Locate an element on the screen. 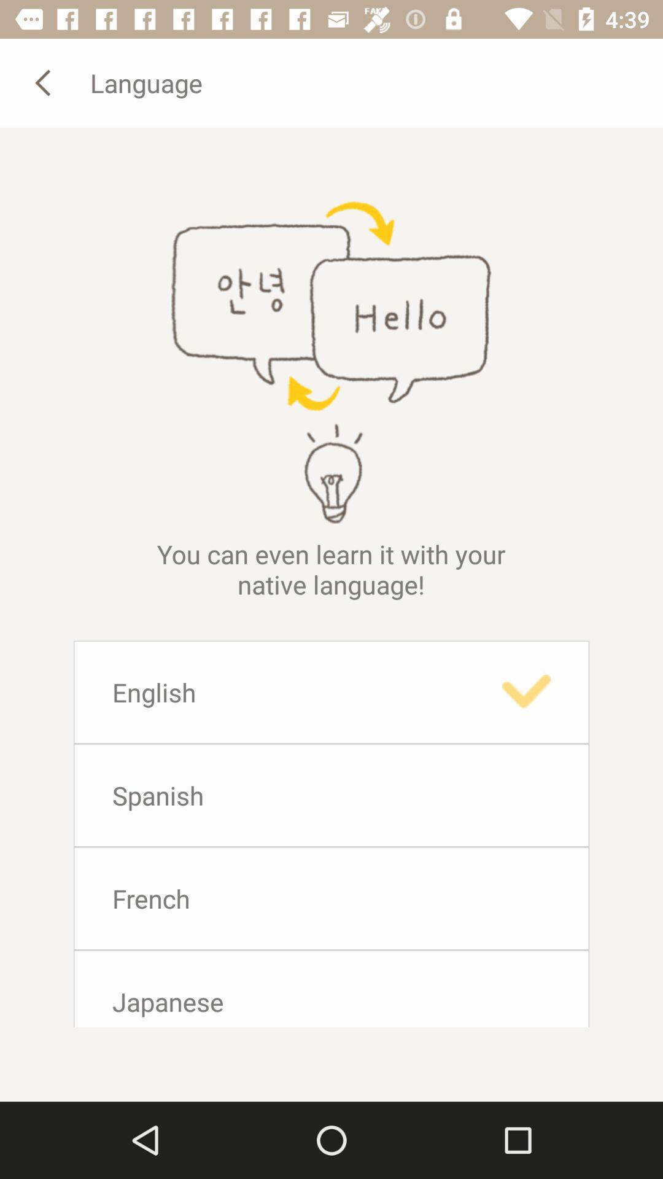 The width and height of the screenshot is (663, 1179). the arrow_backward icon is located at coordinates (44, 82).